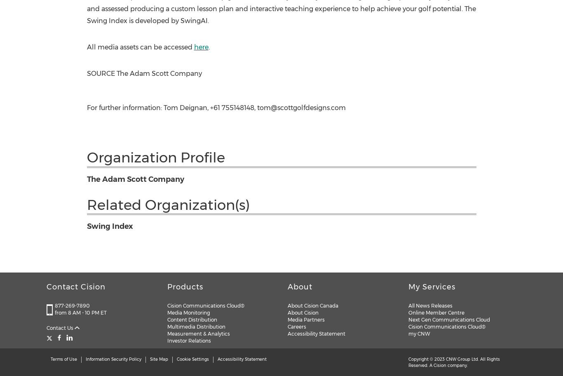  What do you see at coordinates (198, 333) in the screenshot?
I see `'Measurement & Analytics'` at bounding box center [198, 333].